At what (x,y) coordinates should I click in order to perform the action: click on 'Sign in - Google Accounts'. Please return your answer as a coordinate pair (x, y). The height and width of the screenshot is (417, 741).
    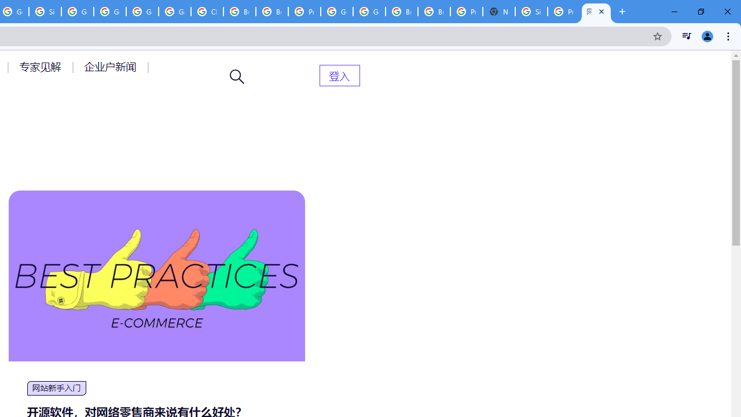
    Looking at the image, I should click on (530, 12).